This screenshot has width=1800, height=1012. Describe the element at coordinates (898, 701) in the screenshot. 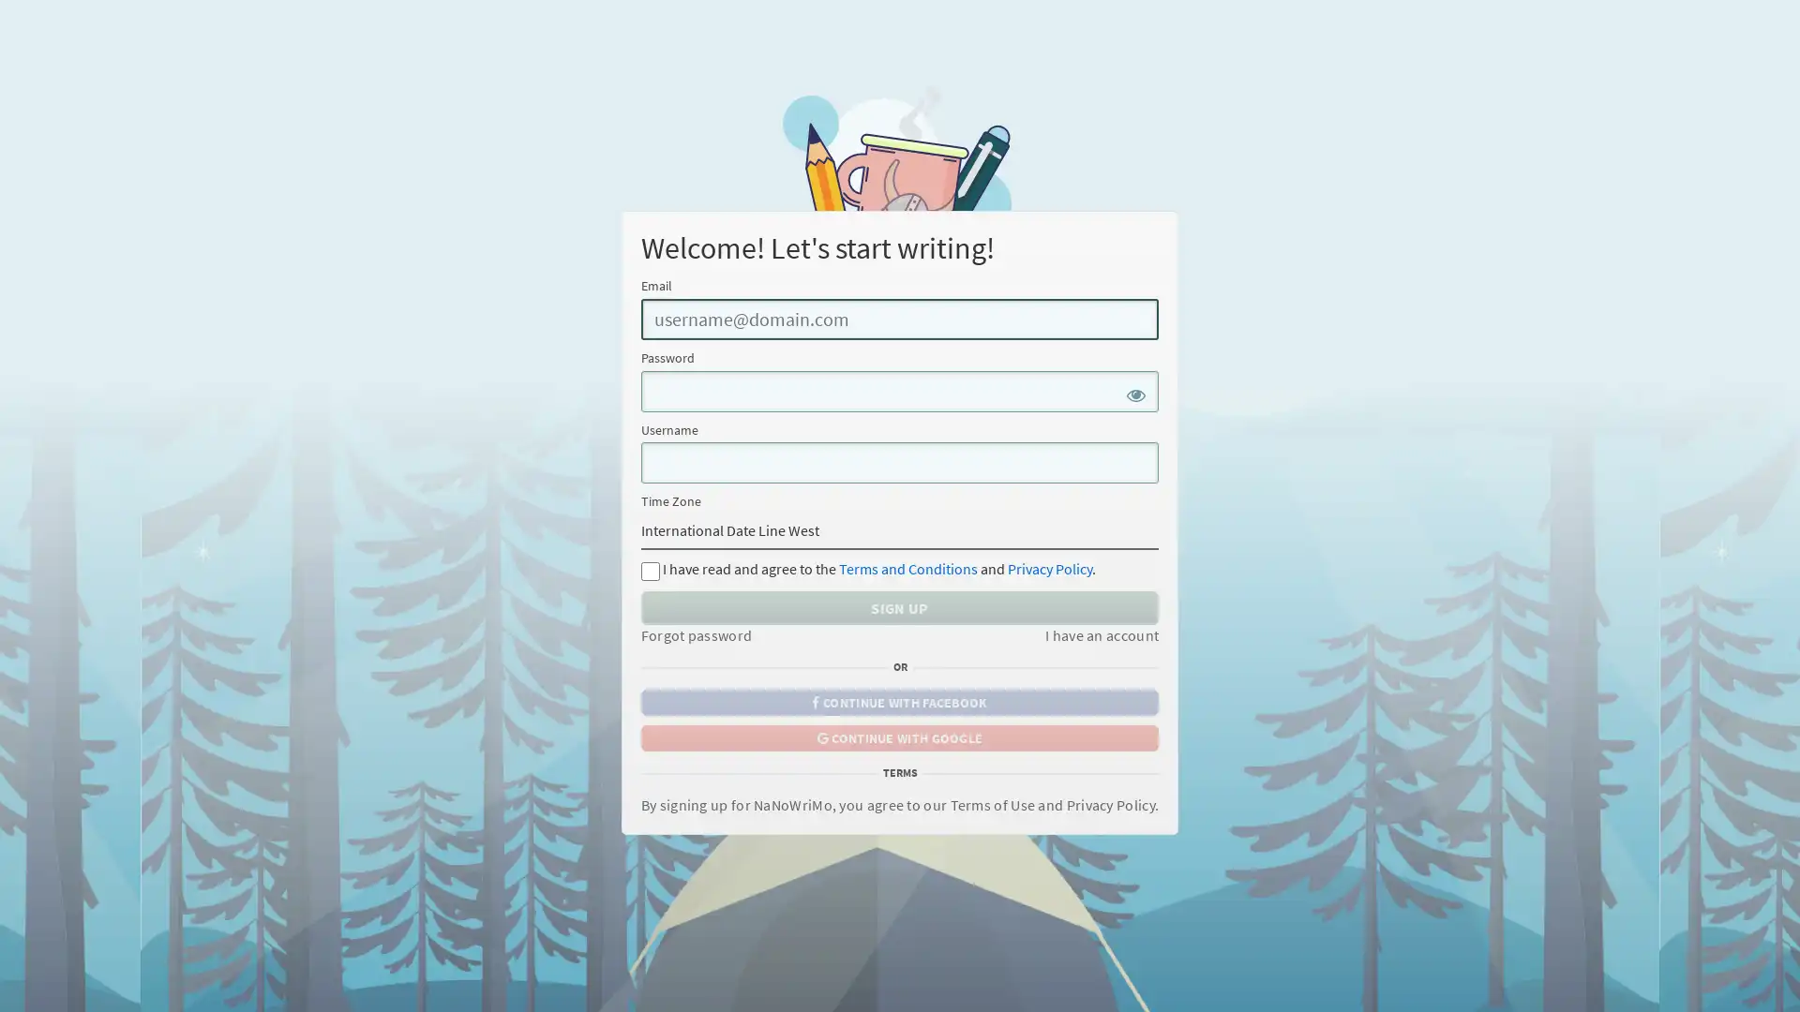

I see `CONTINUE WITH FACEBOOK` at that location.